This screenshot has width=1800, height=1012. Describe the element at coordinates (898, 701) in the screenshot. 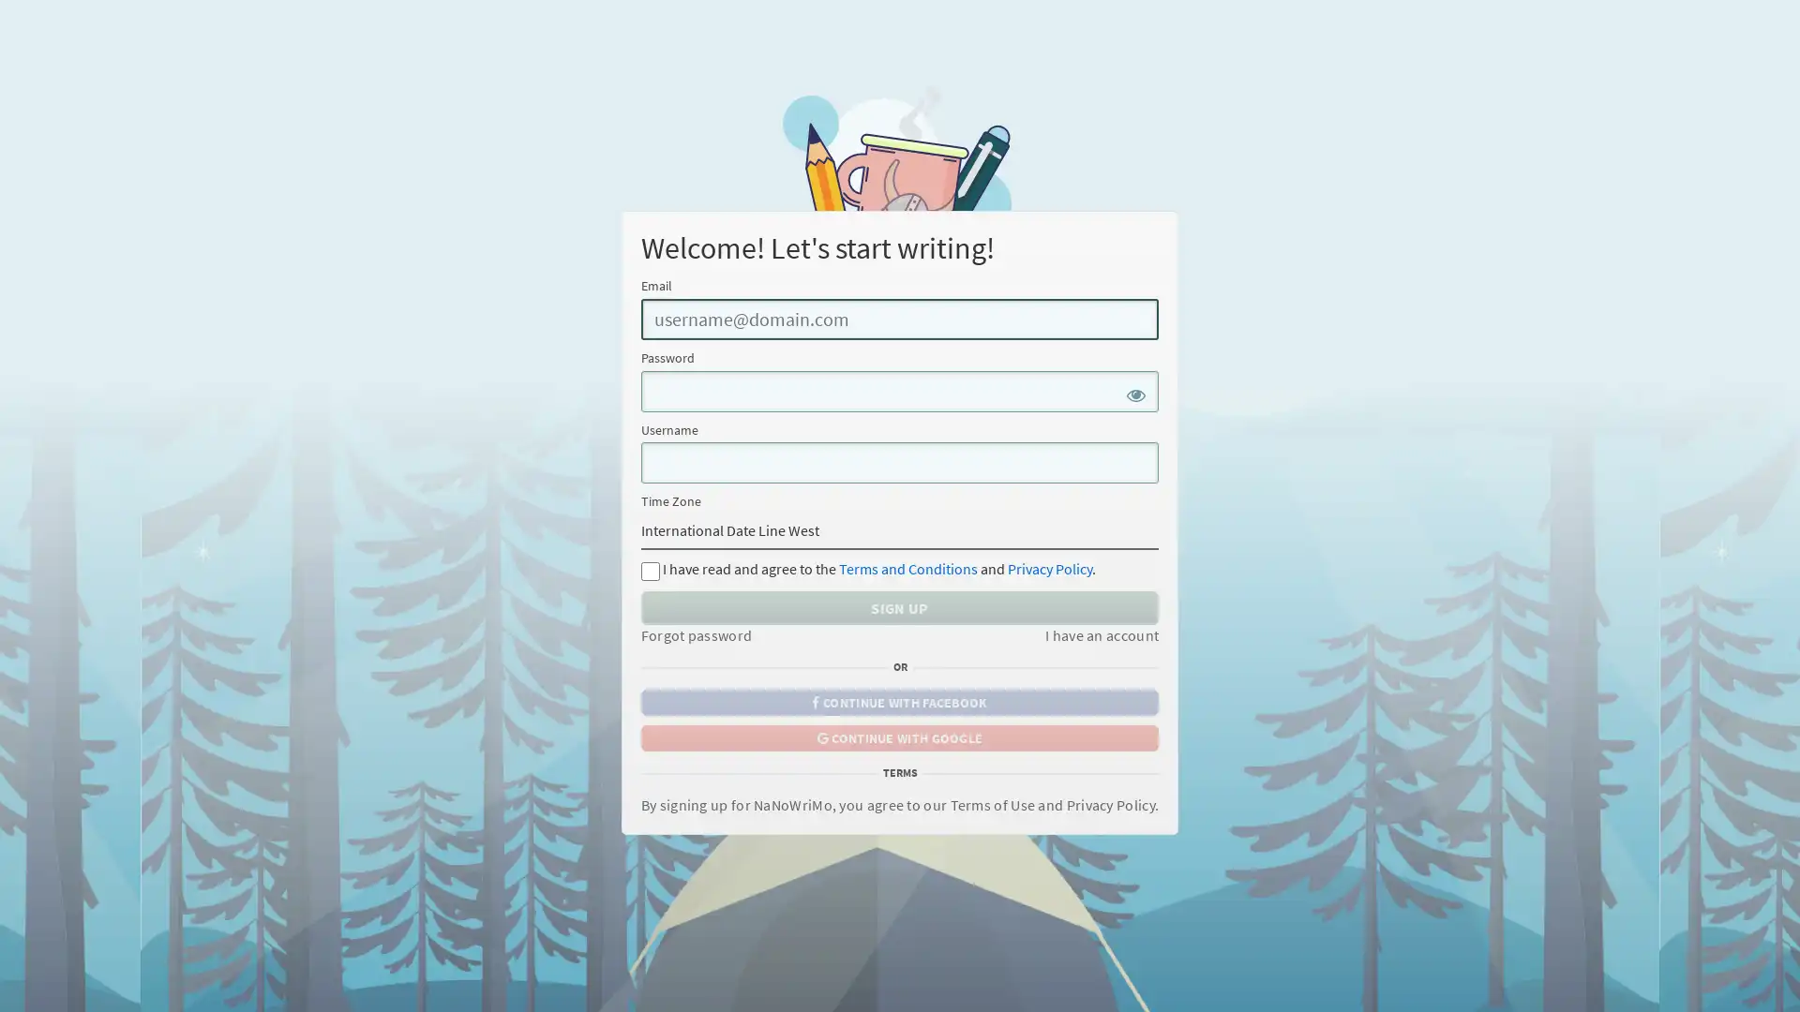

I see `CONTINUE WITH FACEBOOK` at that location.